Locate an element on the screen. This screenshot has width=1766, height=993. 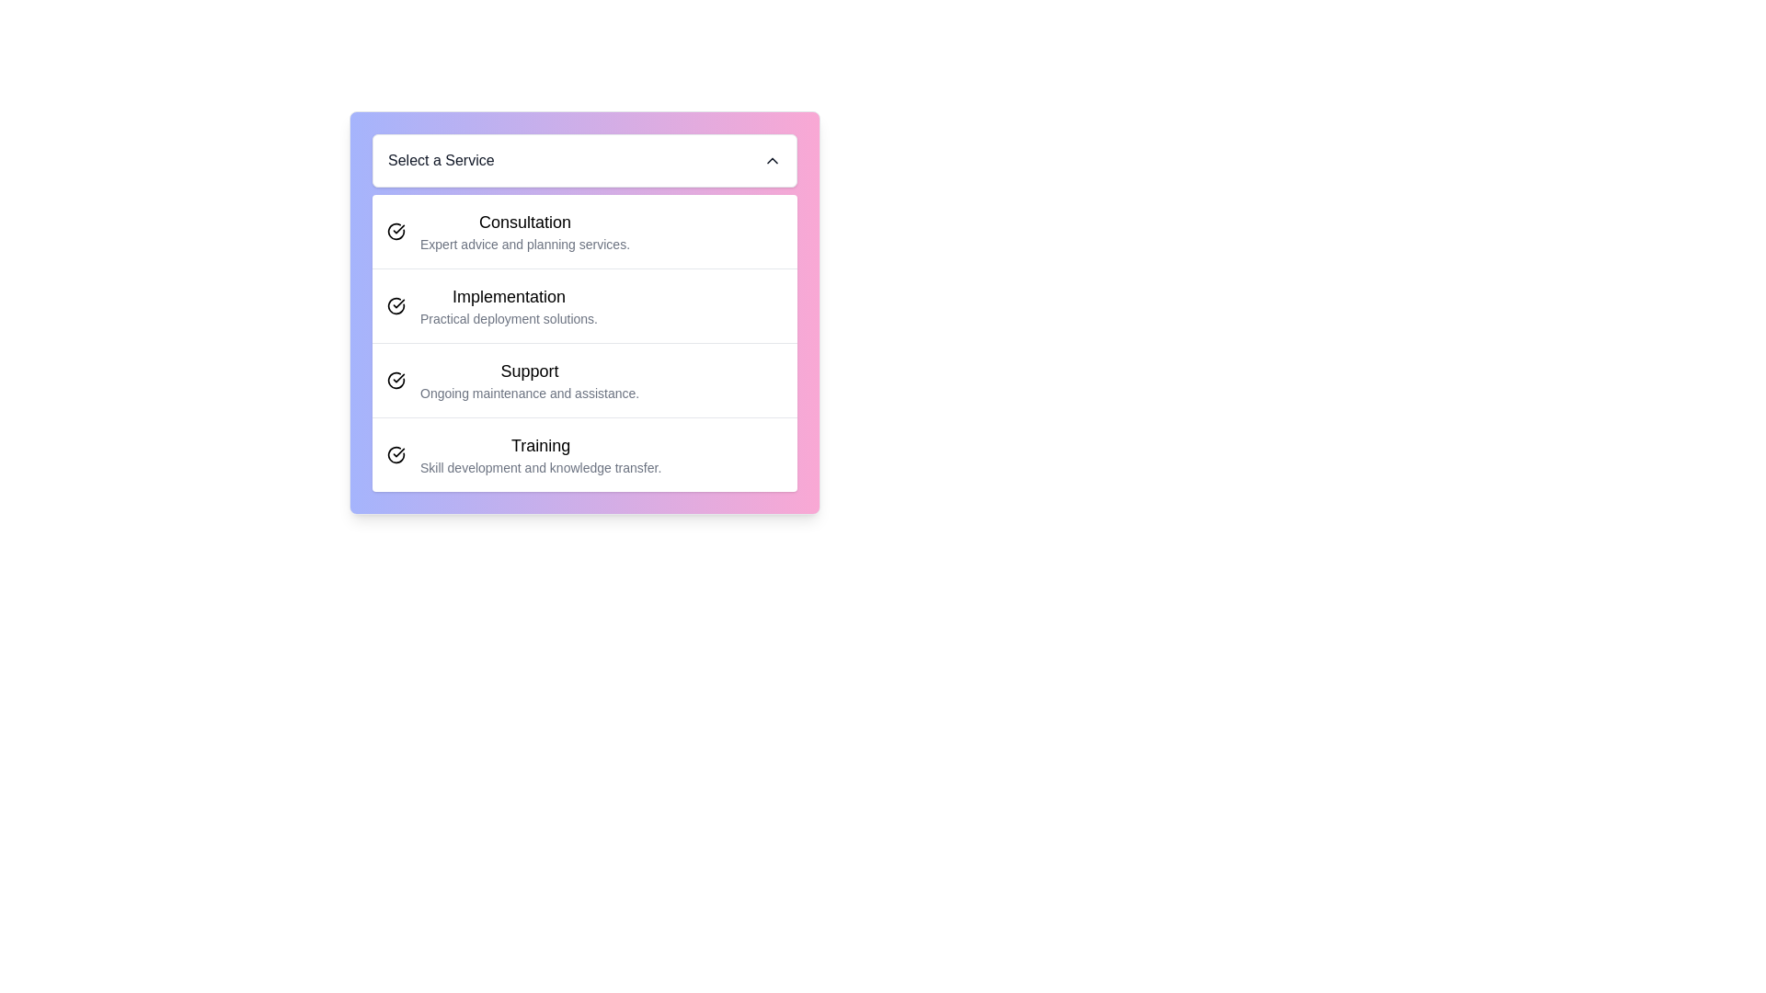
the Chevron icon located at the far right of the 'Select a Service' dropdown menu is located at coordinates (773, 159).